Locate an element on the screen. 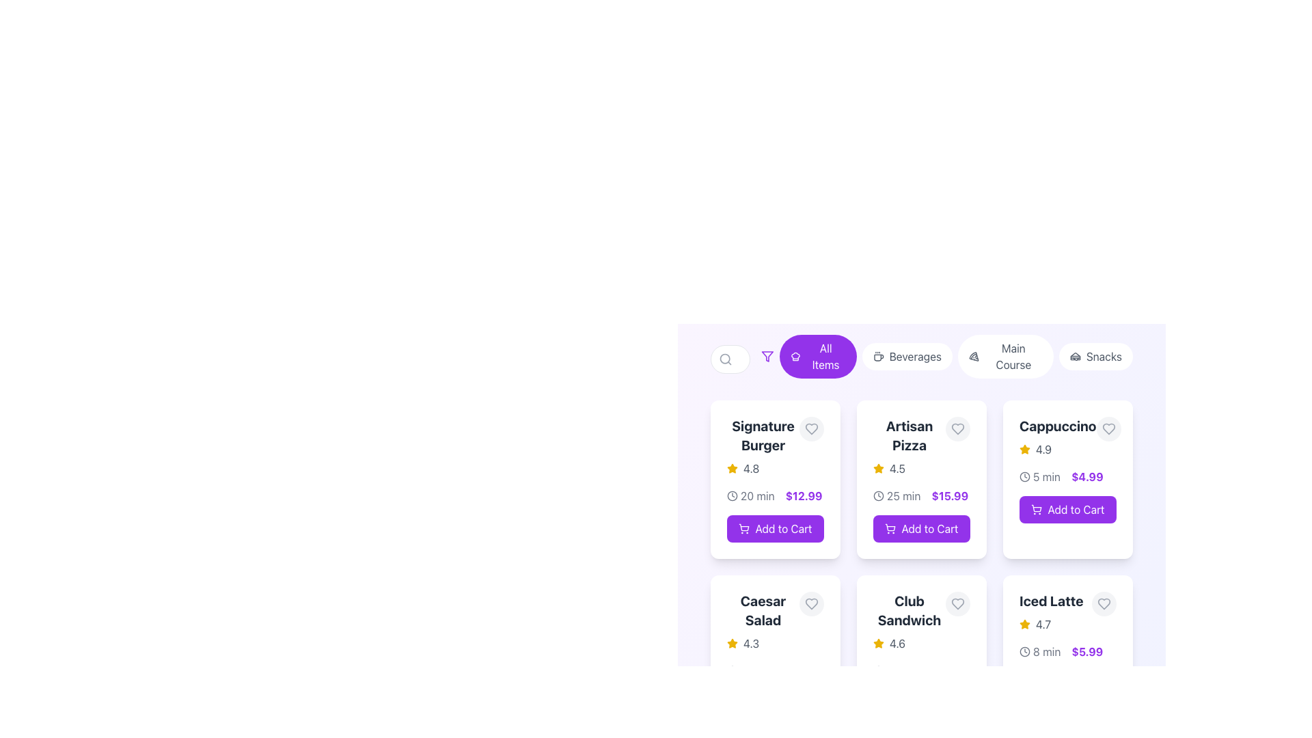 The height and width of the screenshot is (738, 1312). the text label displaying 'Cappuccino', which is the heading of the third card in the second row, styled in bold, large grayish-black font is located at coordinates (1057, 426).